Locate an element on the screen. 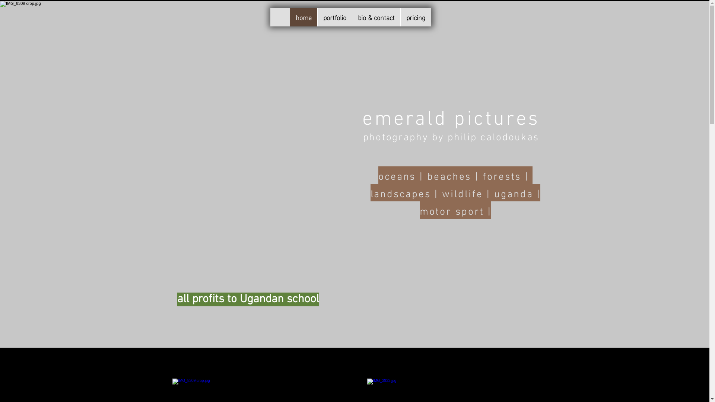 The width and height of the screenshot is (715, 402). 'bio & contact' is located at coordinates (375, 17).